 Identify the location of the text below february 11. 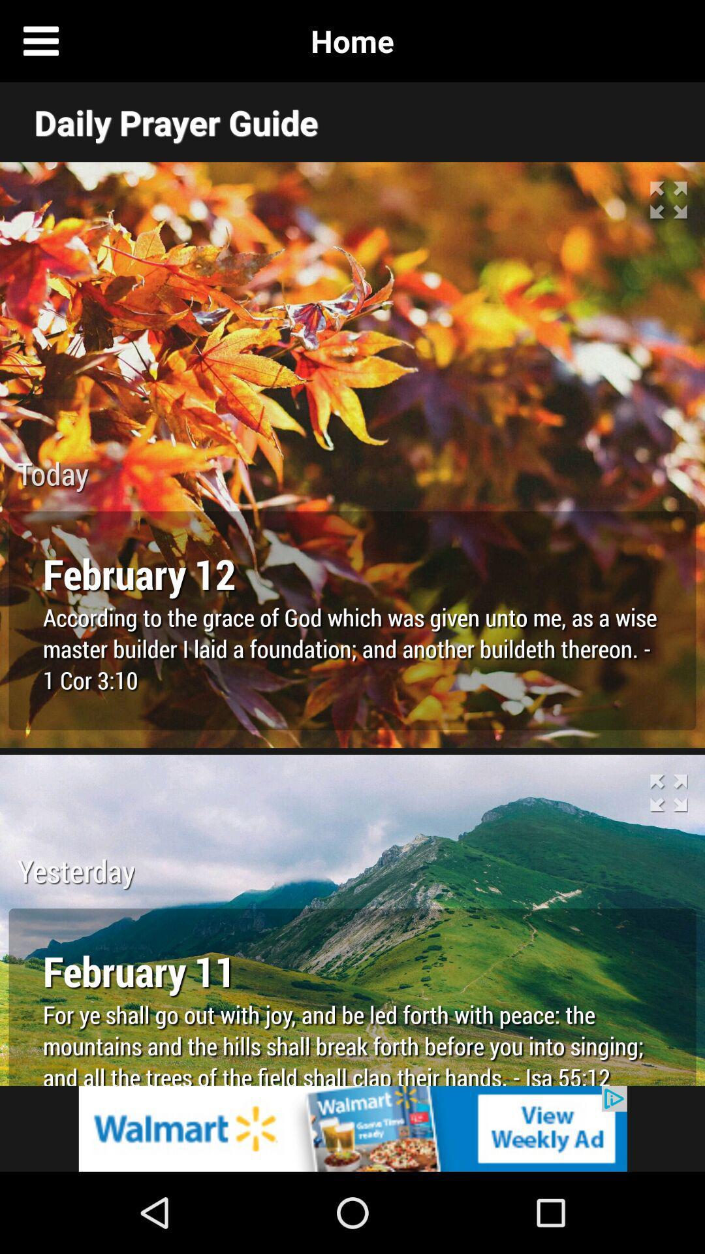
(352, 1042).